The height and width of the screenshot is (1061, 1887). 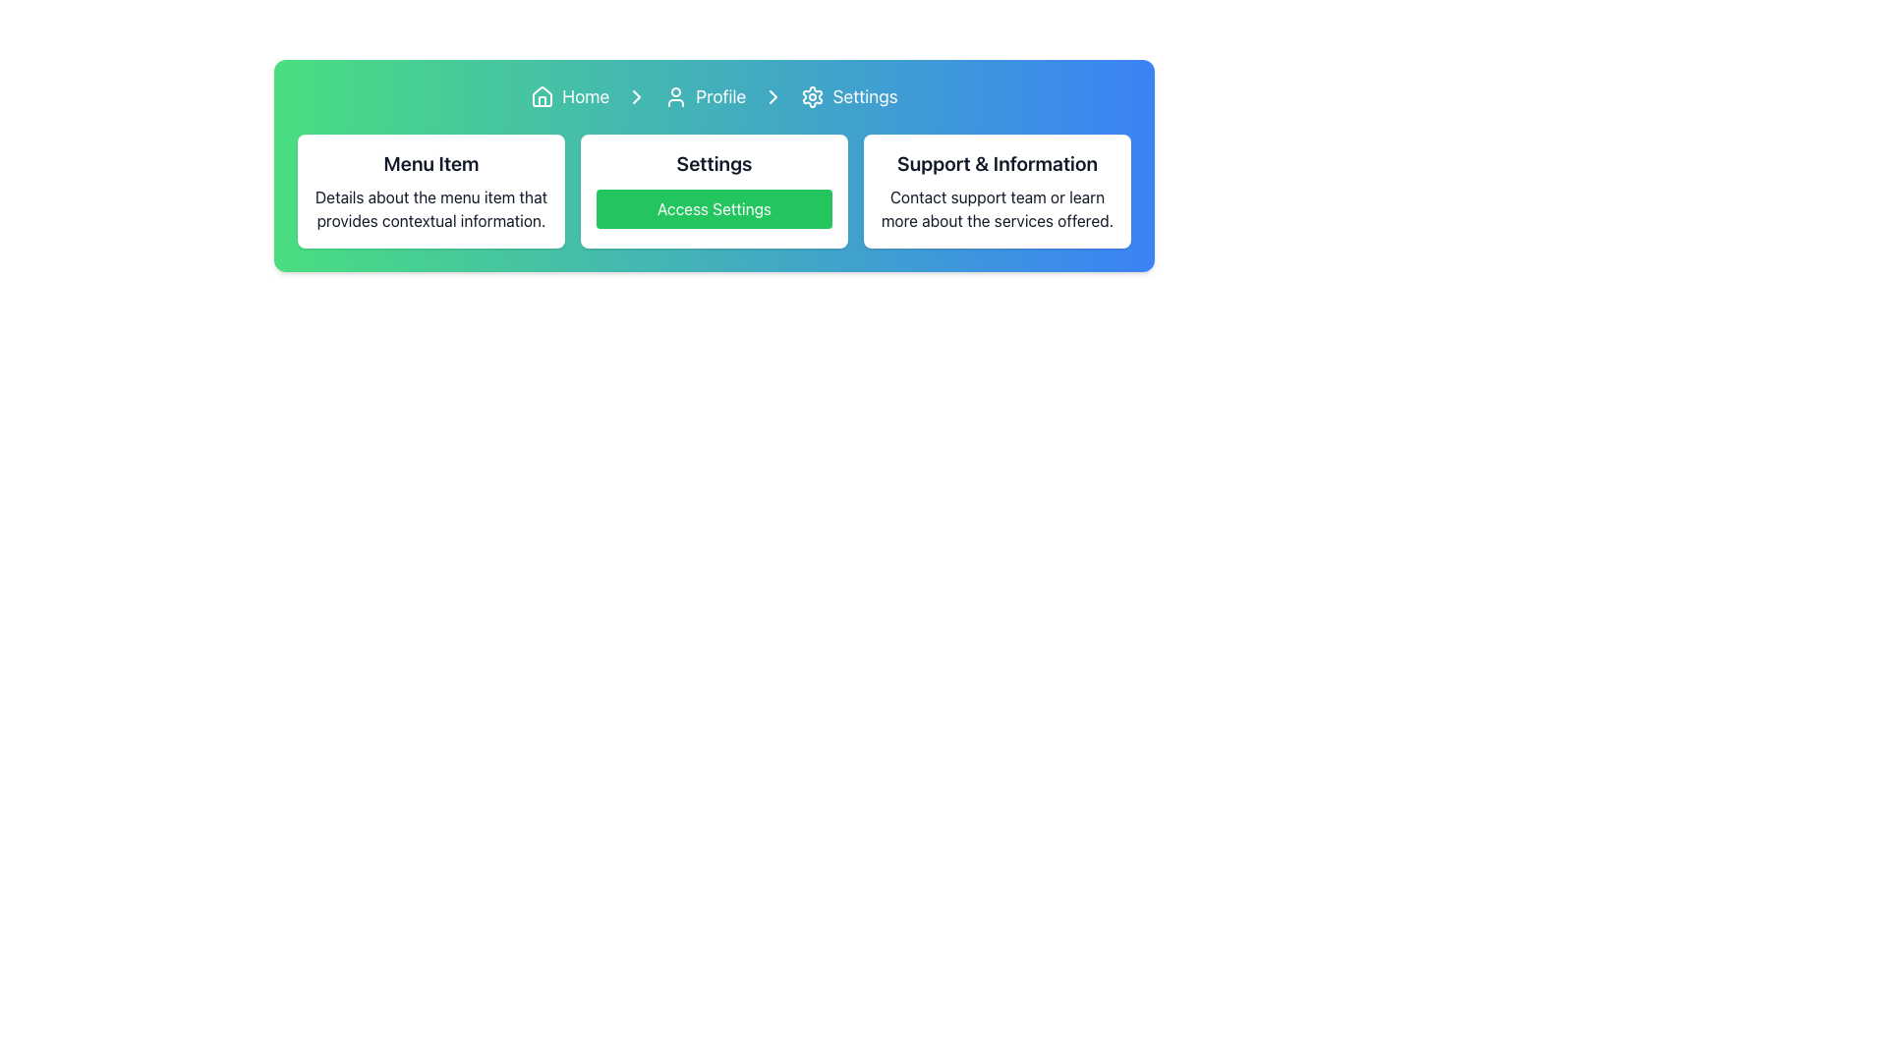 What do you see at coordinates (543, 97) in the screenshot?
I see `the decorative 'home' icon located at the start of the breadcrumb navigation bar, preceding the text 'Home'` at bounding box center [543, 97].